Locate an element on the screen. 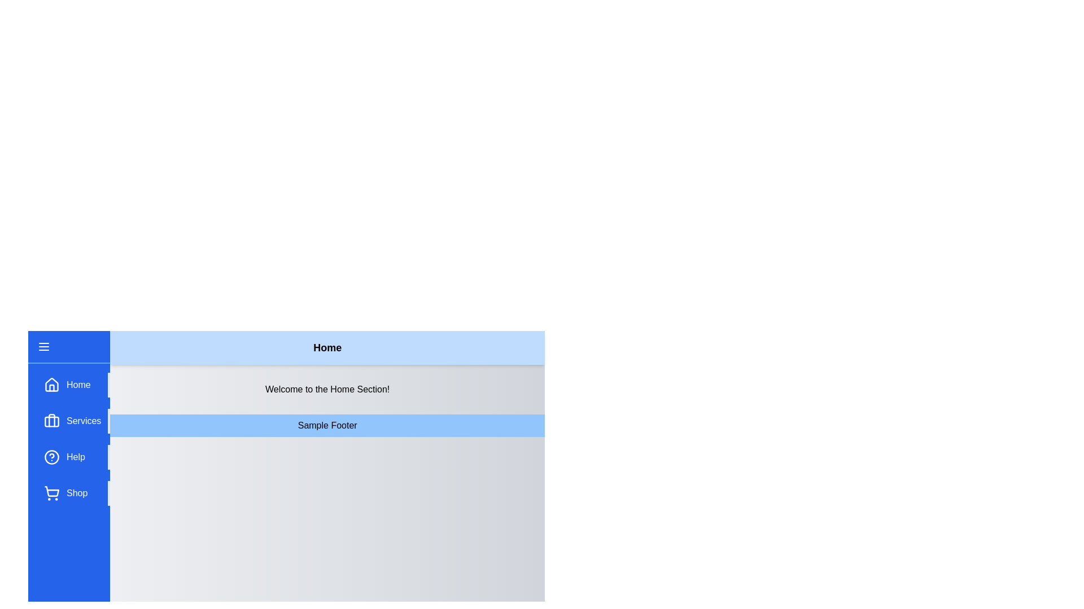 This screenshot has height=609, width=1084. the 'Services' label in the navigation menu, which is styled in white text against a blue background and positioned below the 'Home' item is located at coordinates (83, 421).